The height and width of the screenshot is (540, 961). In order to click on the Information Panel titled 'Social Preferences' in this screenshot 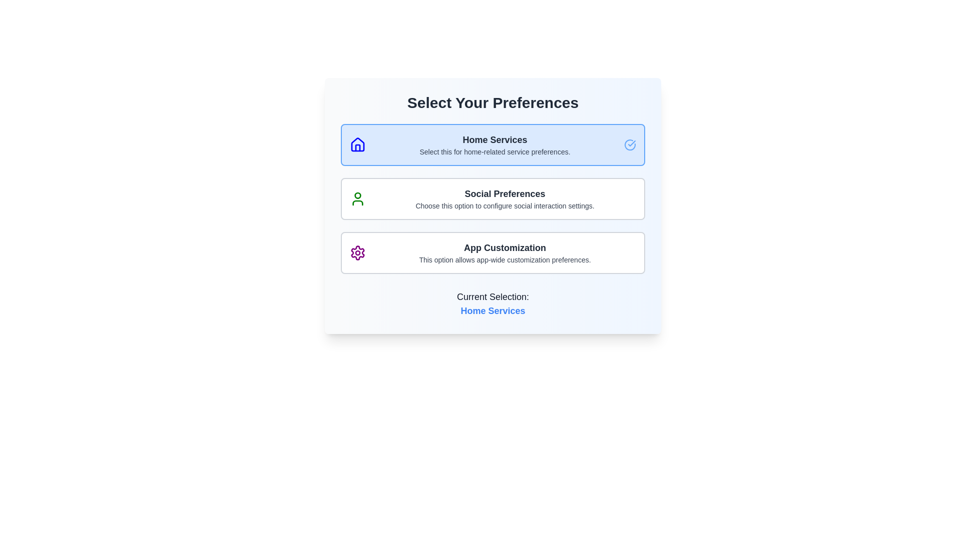, I will do `click(493, 198)`.